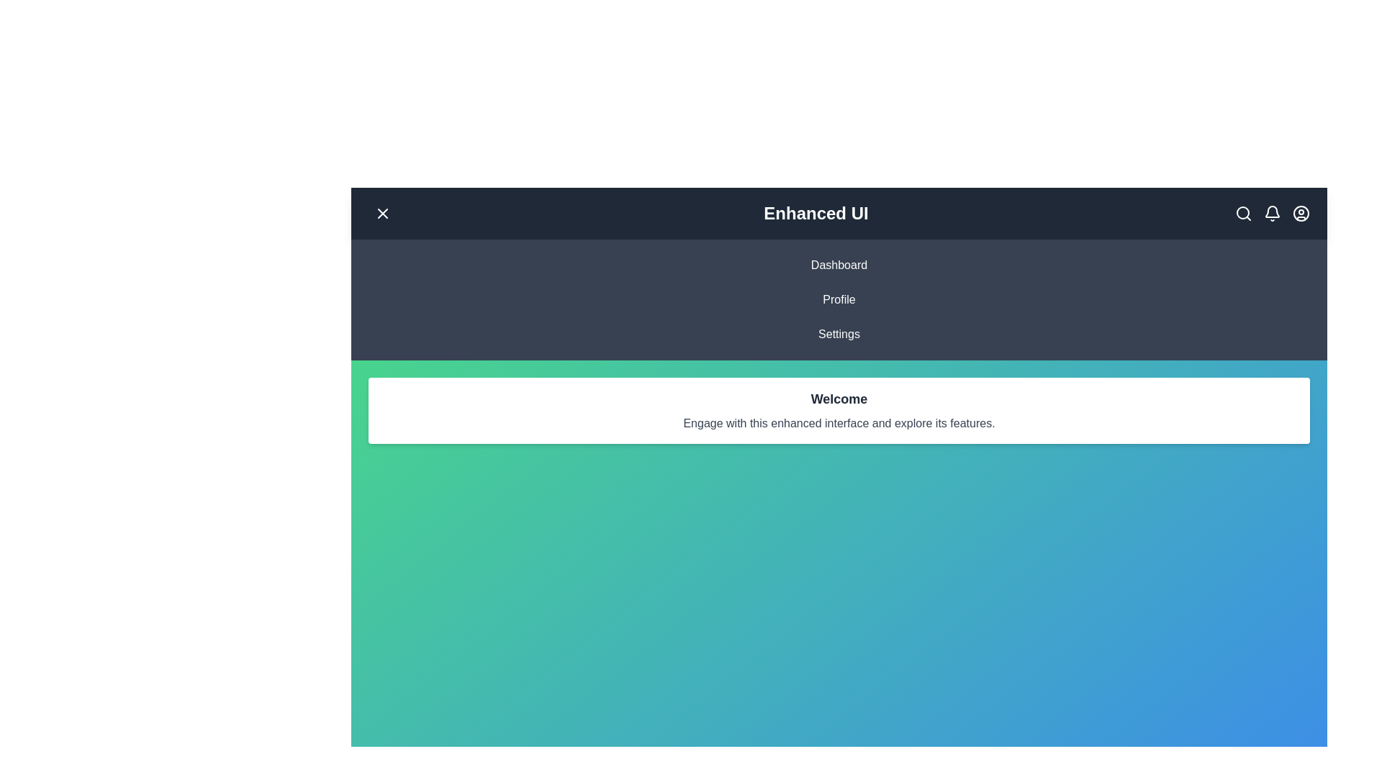 The height and width of the screenshot is (777, 1382). Describe the element at coordinates (383, 214) in the screenshot. I see `the menu button to toggle the menu visibility` at that location.